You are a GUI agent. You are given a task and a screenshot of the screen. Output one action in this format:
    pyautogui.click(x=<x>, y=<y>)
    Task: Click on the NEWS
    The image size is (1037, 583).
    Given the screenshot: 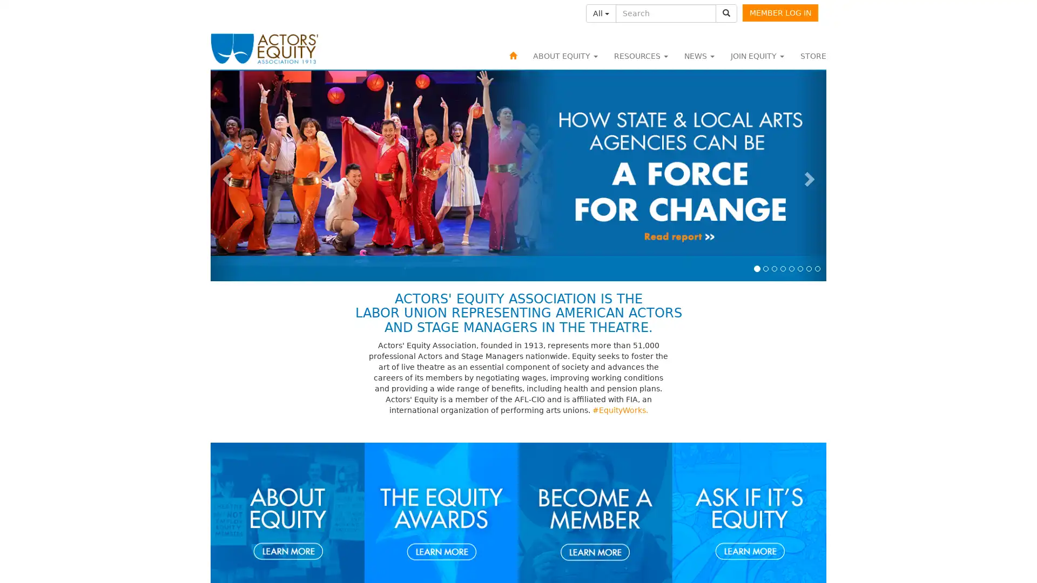 What is the action you would take?
    pyautogui.click(x=699, y=56)
    